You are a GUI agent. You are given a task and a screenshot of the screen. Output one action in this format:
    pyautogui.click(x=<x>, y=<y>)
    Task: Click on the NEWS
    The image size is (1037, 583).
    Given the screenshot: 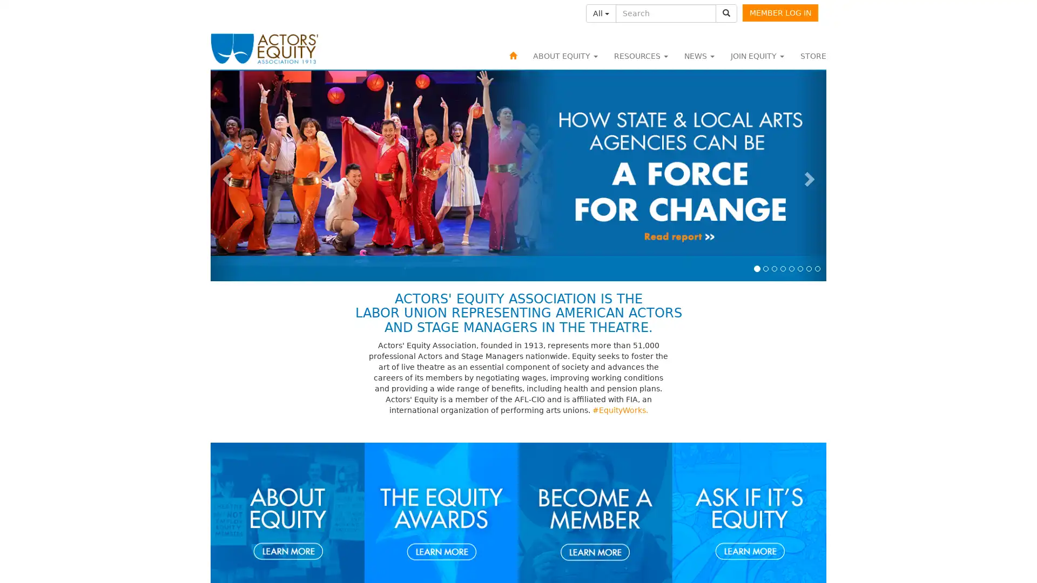 What is the action you would take?
    pyautogui.click(x=699, y=56)
    